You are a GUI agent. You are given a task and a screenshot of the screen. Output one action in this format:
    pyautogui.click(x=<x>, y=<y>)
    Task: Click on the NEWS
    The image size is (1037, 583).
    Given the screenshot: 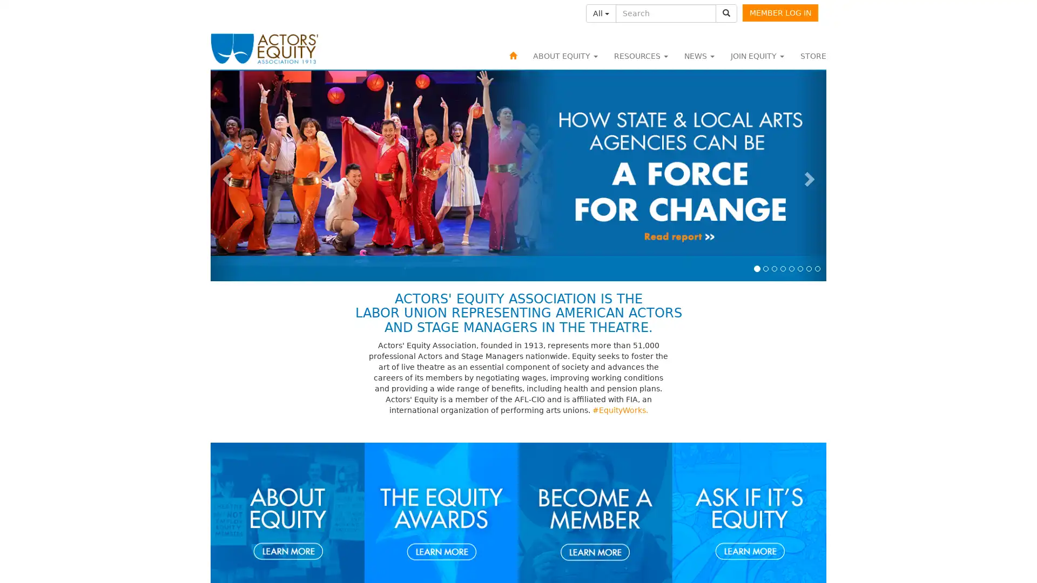 What is the action you would take?
    pyautogui.click(x=699, y=56)
    